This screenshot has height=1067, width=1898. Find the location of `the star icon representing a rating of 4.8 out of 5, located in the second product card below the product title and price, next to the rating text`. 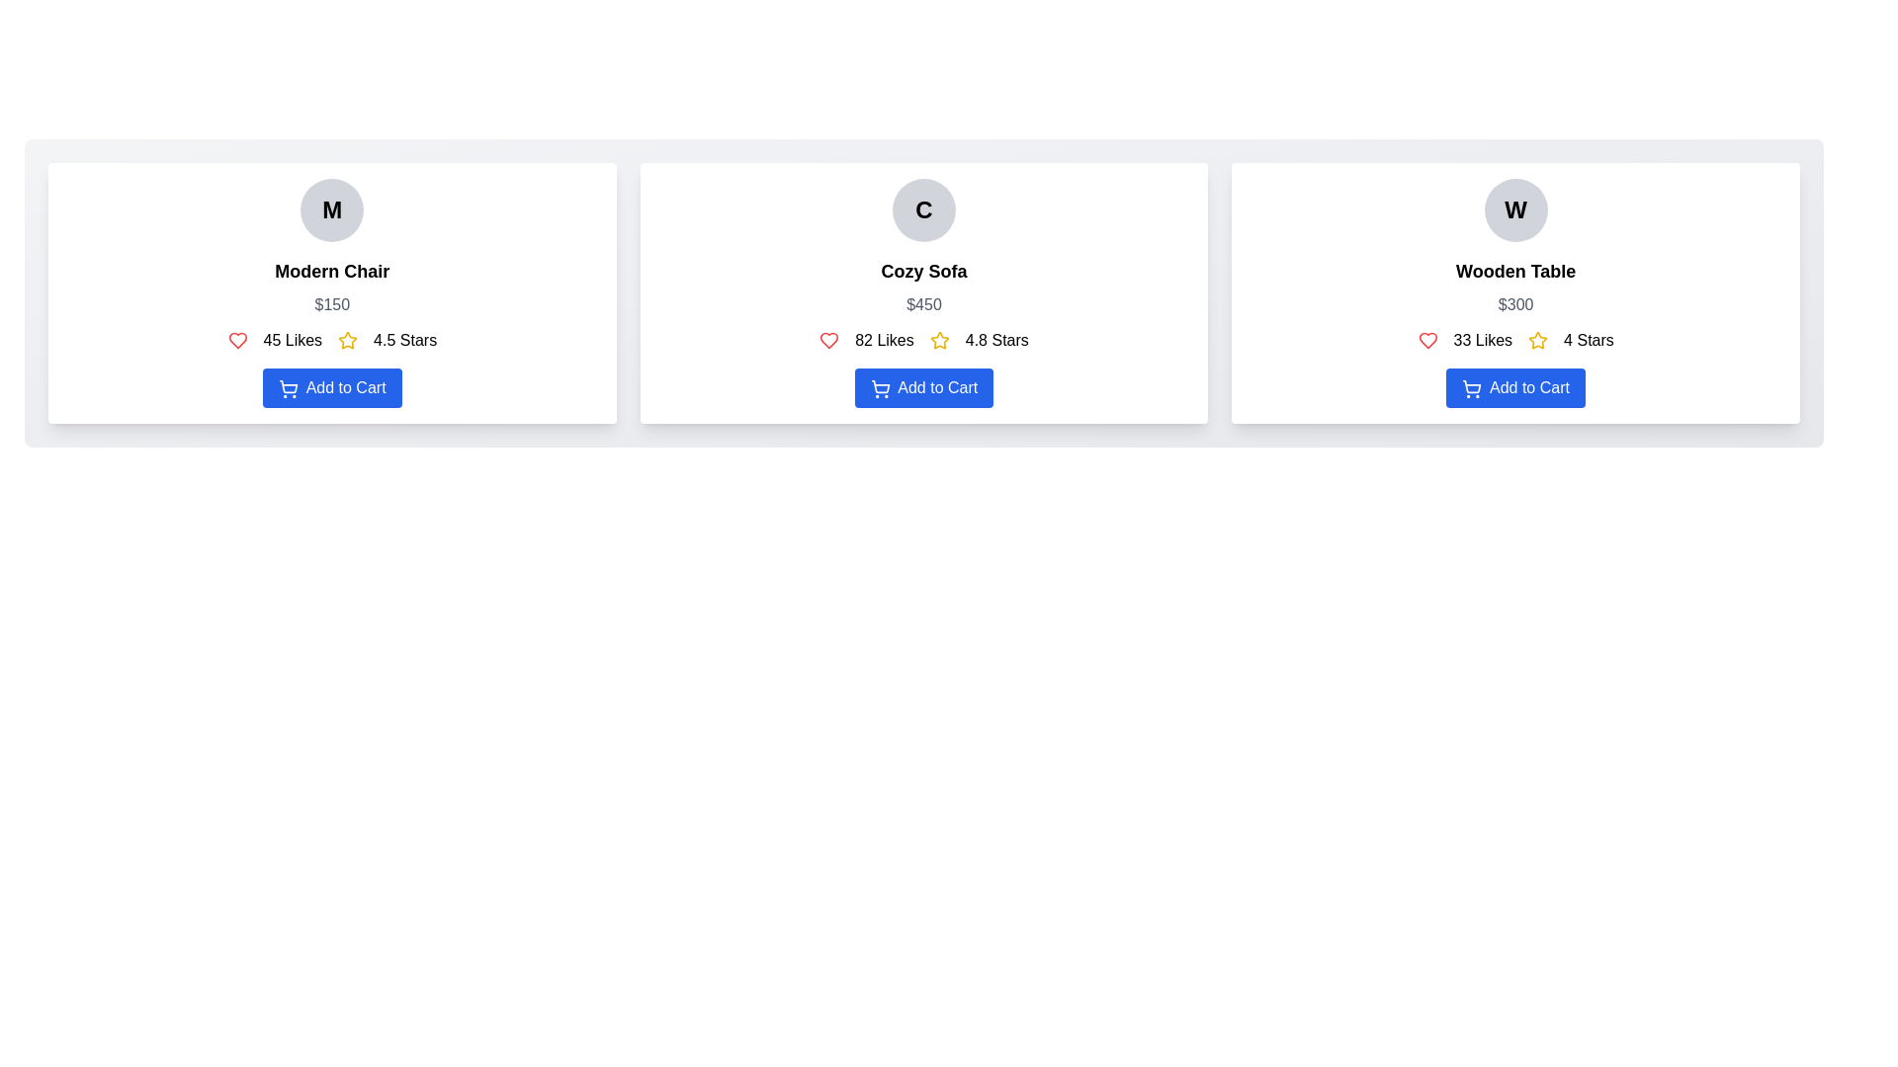

the star icon representing a rating of 4.8 out of 5, located in the second product card below the product title and price, next to the rating text is located at coordinates (938, 339).